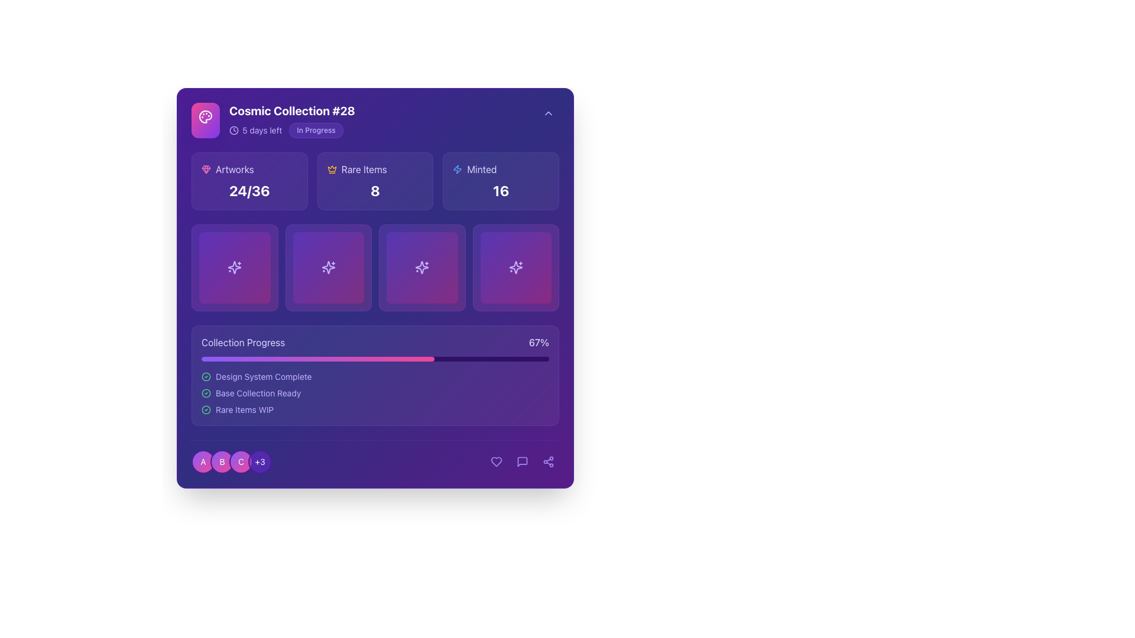  What do you see at coordinates (206, 169) in the screenshot?
I see `the pink gem-shaped icon located to the left of the 'Artworks' label` at bounding box center [206, 169].